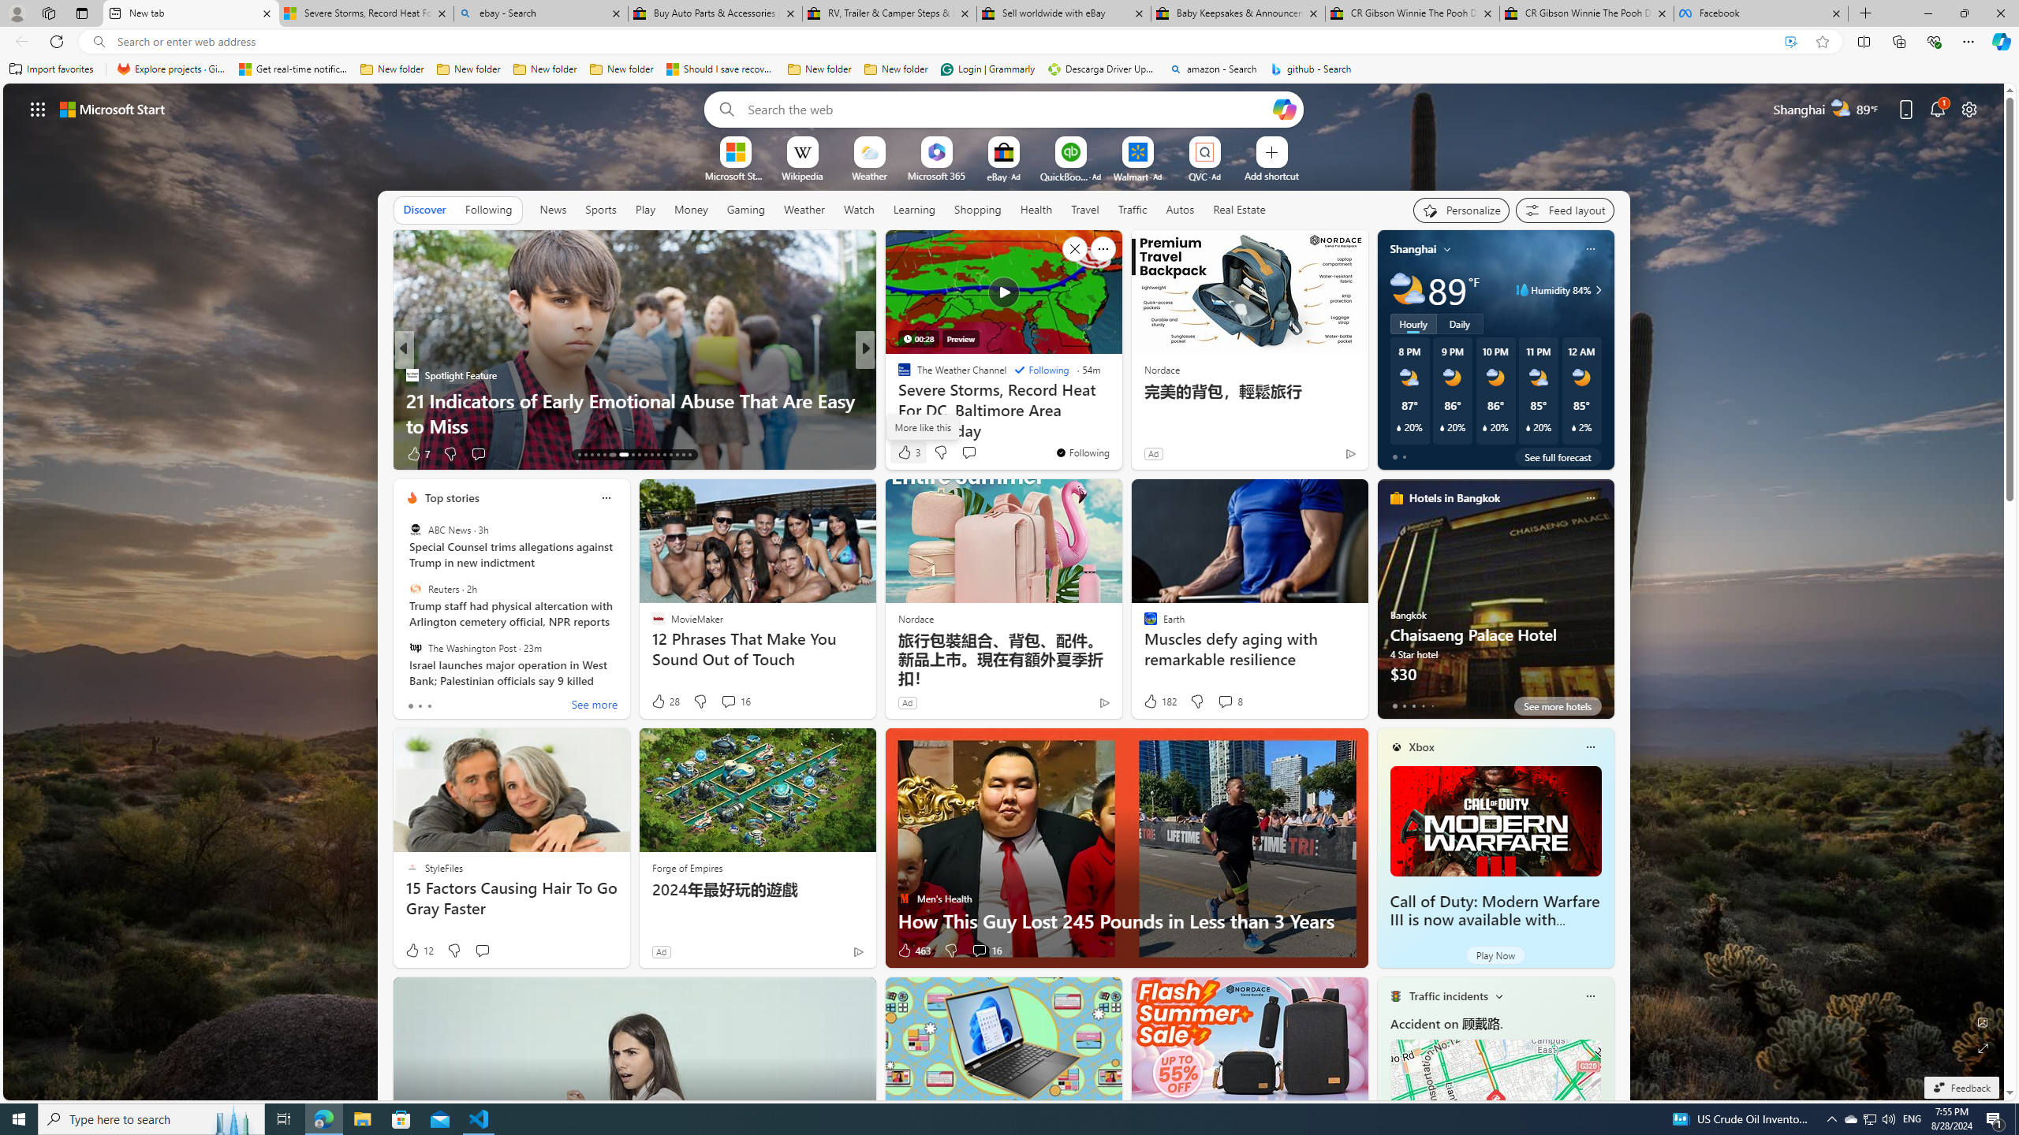 Image resolution: width=2019 pixels, height=1135 pixels. Describe the element at coordinates (633, 455) in the screenshot. I see `'AutomationID: tab-20'` at that location.